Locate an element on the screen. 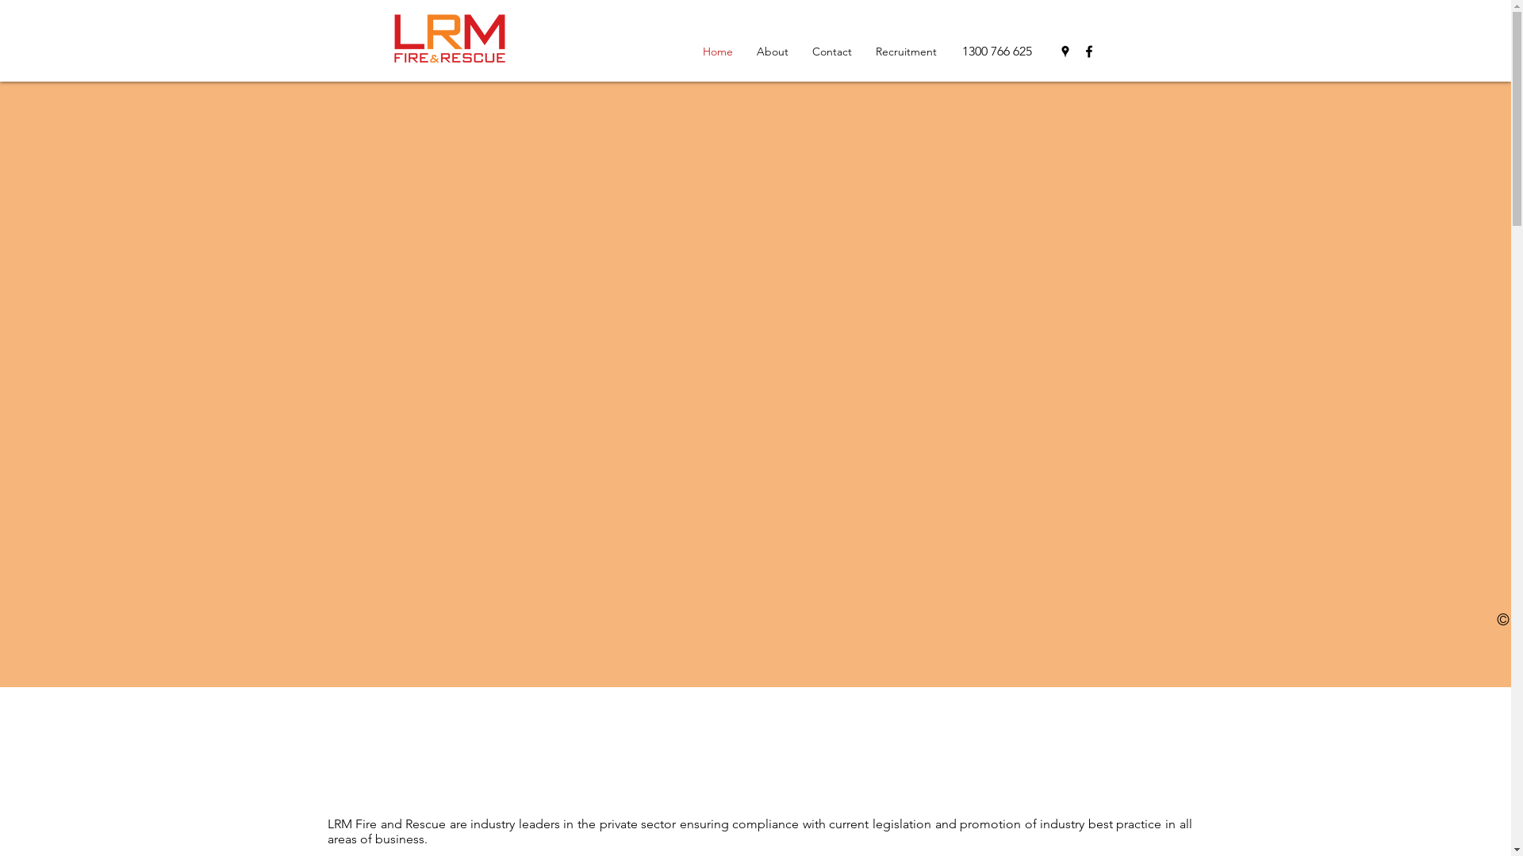 The image size is (1523, 856). 'About' is located at coordinates (772, 51).